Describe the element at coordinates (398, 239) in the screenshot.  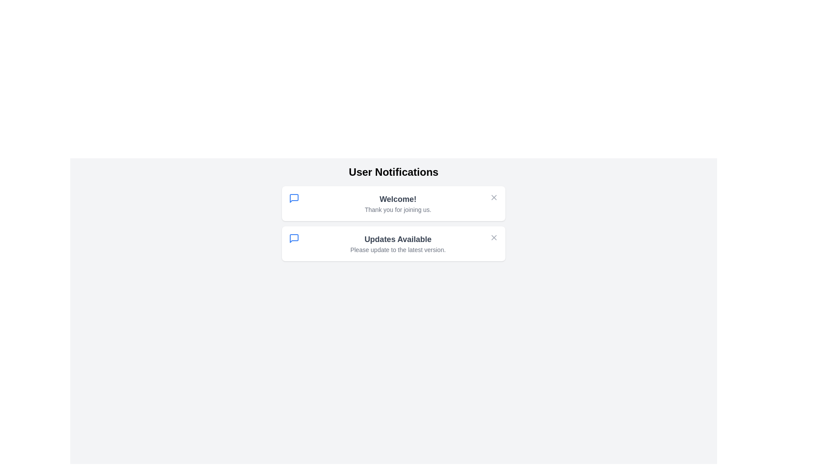
I see `the 'Updates Available' static text label, which is prominently displayed in a larger and bold font within the second notification card, located at the center of the notification panel` at that location.